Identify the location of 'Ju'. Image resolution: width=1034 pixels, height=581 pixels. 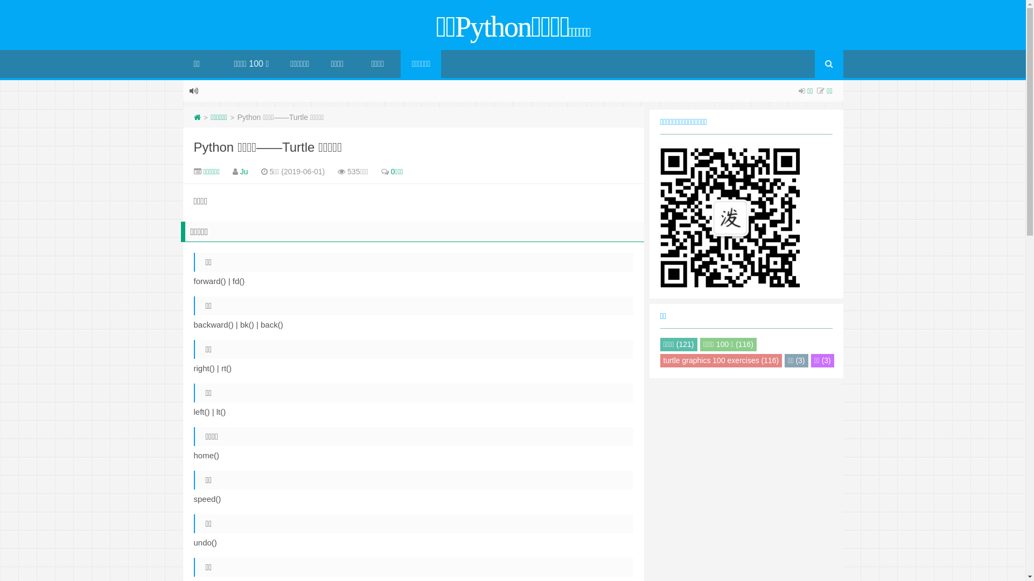
(243, 171).